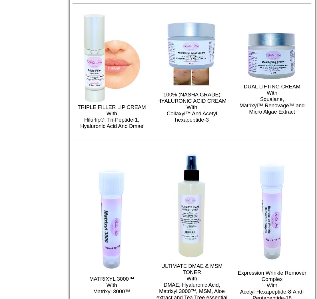  Describe the element at coordinates (272, 86) in the screenshot. I see `'DUAL LIFTING CREAM'` at that location.